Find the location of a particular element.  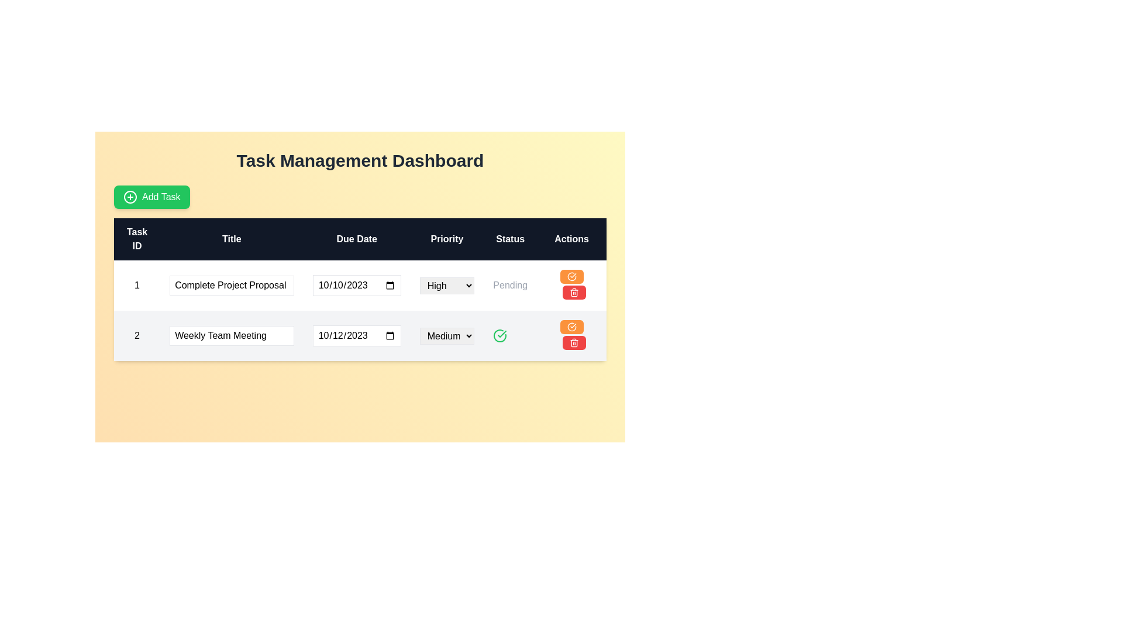

the circular icon with a checkmark inside the light orange button located in the 'Actions' column for the second task row is located at coordinates (571, 327).